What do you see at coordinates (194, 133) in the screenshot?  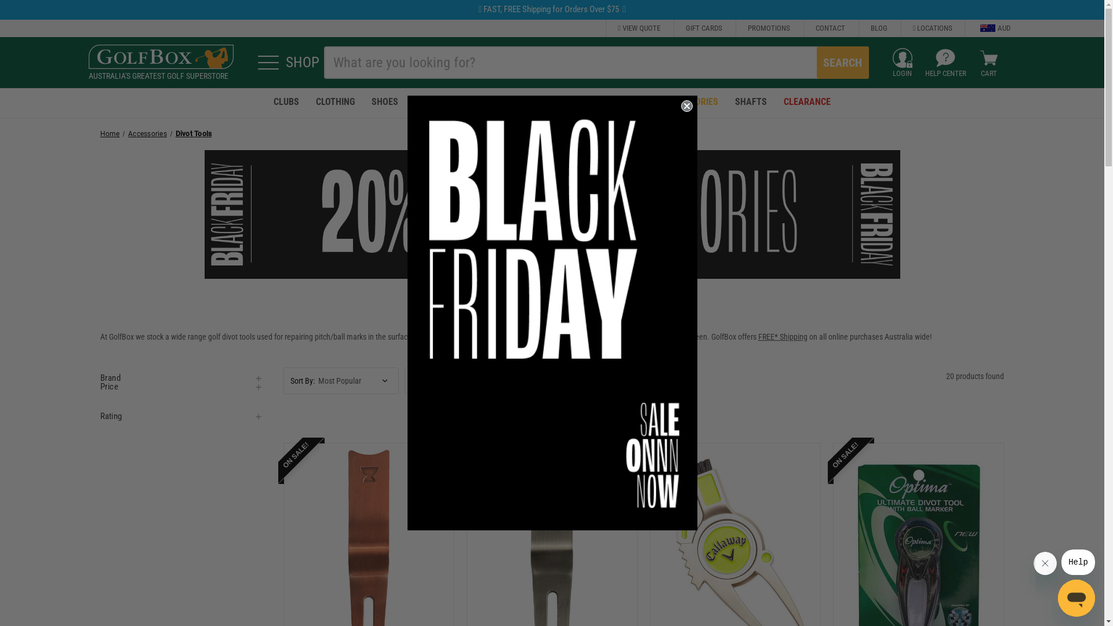 I see `'Divot Tools'` at bounding box center [194, 133].